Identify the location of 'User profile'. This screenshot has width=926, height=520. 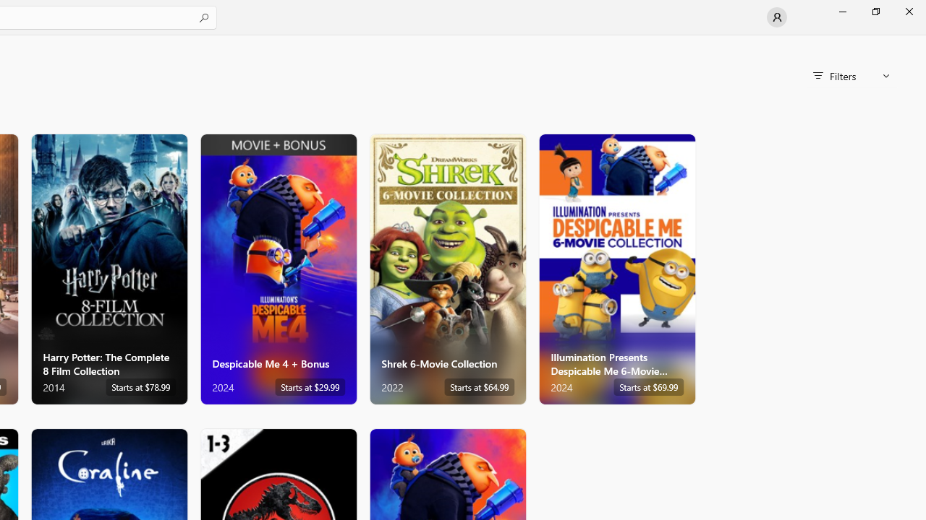
(776, 17).